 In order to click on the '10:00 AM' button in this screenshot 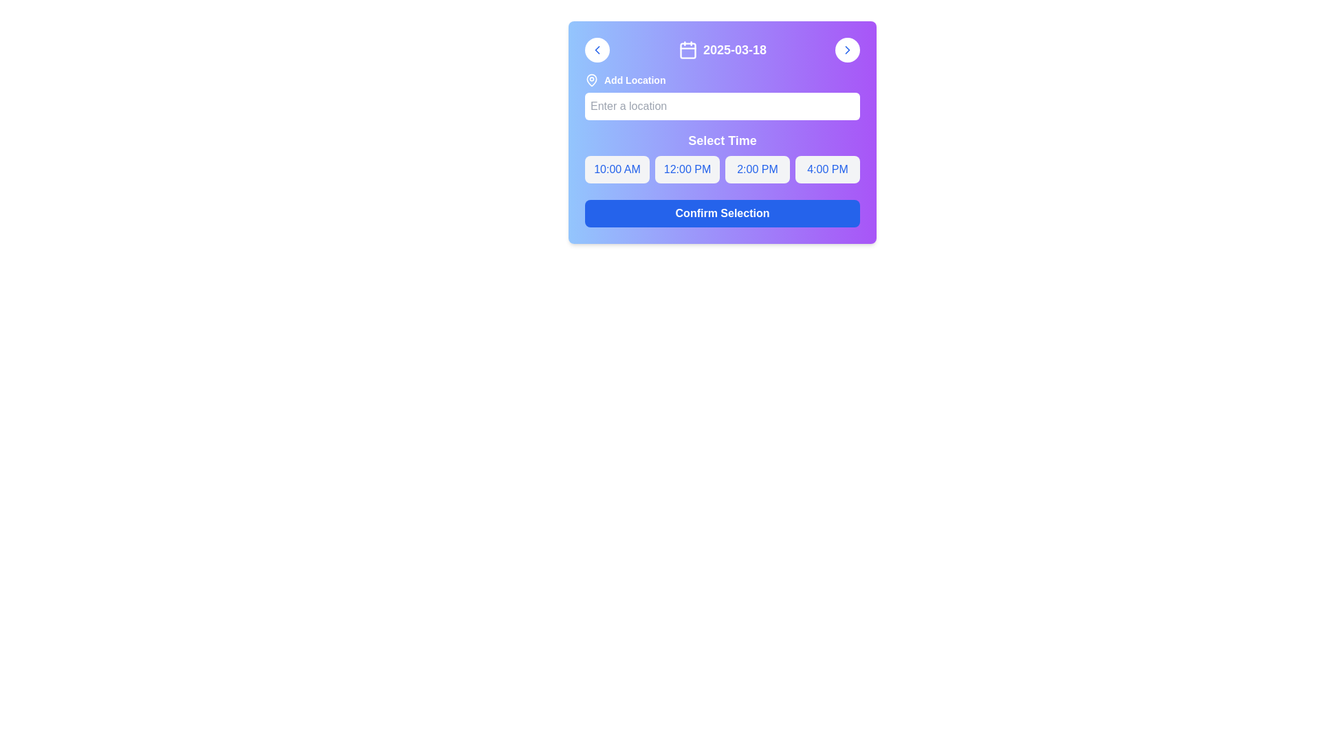, I will do `click(616, 168)`.